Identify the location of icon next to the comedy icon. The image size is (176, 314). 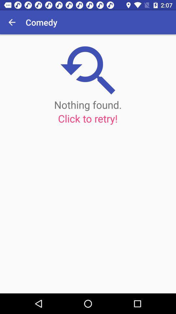
(12, 22).